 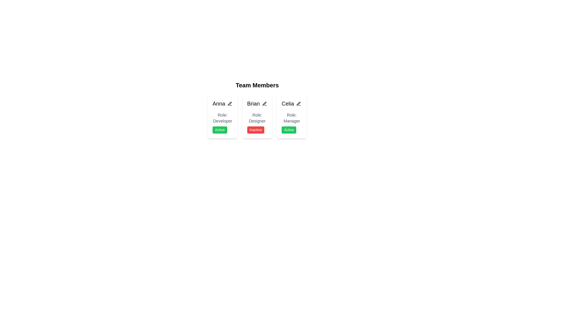 I want to click on the Status indicator badge with a green background and white text reading 'Active', located at the bottom of the profile card labeled 'Celia' and 'Role: Manager', so click(x=289, y=129).